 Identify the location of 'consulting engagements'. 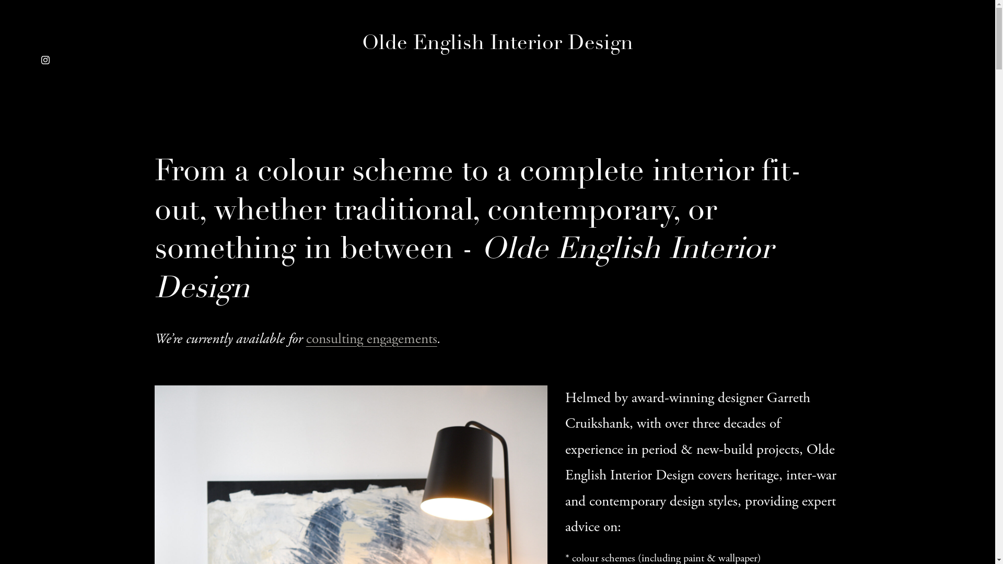
(371, 339).